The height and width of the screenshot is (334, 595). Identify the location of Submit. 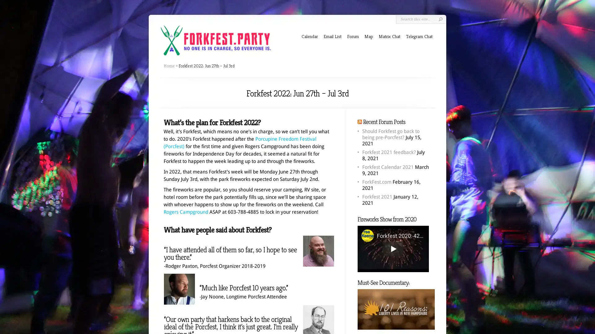
(440, 19).